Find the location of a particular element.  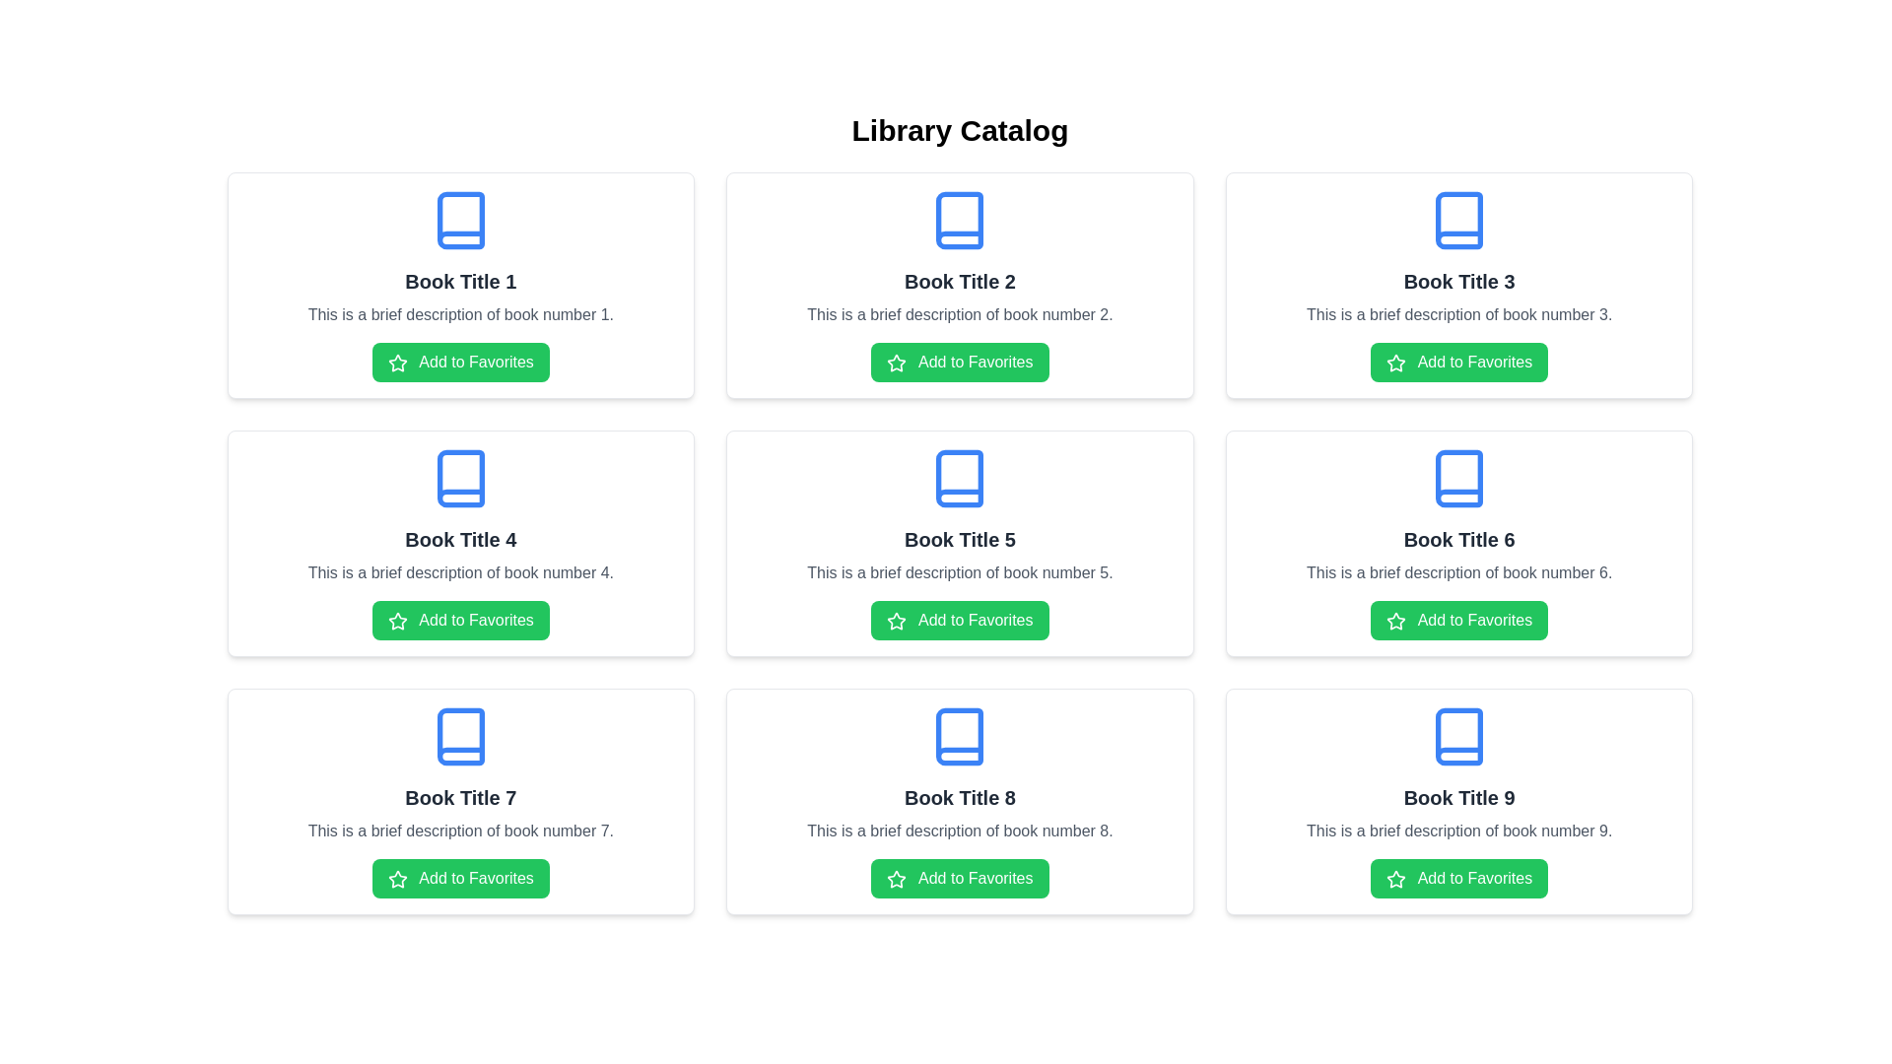

the 'Add to Favorites' button with a green background and white text located under the description of 'Book Title 1' is located at coordinates (459, 362).